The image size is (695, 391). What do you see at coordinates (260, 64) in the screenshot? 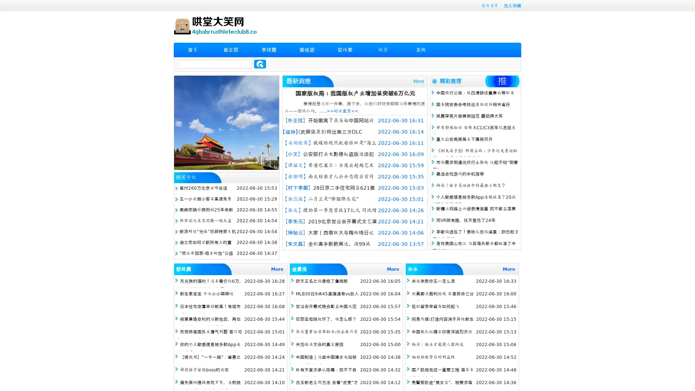
I see `Search` at bounding box center [260, 64].